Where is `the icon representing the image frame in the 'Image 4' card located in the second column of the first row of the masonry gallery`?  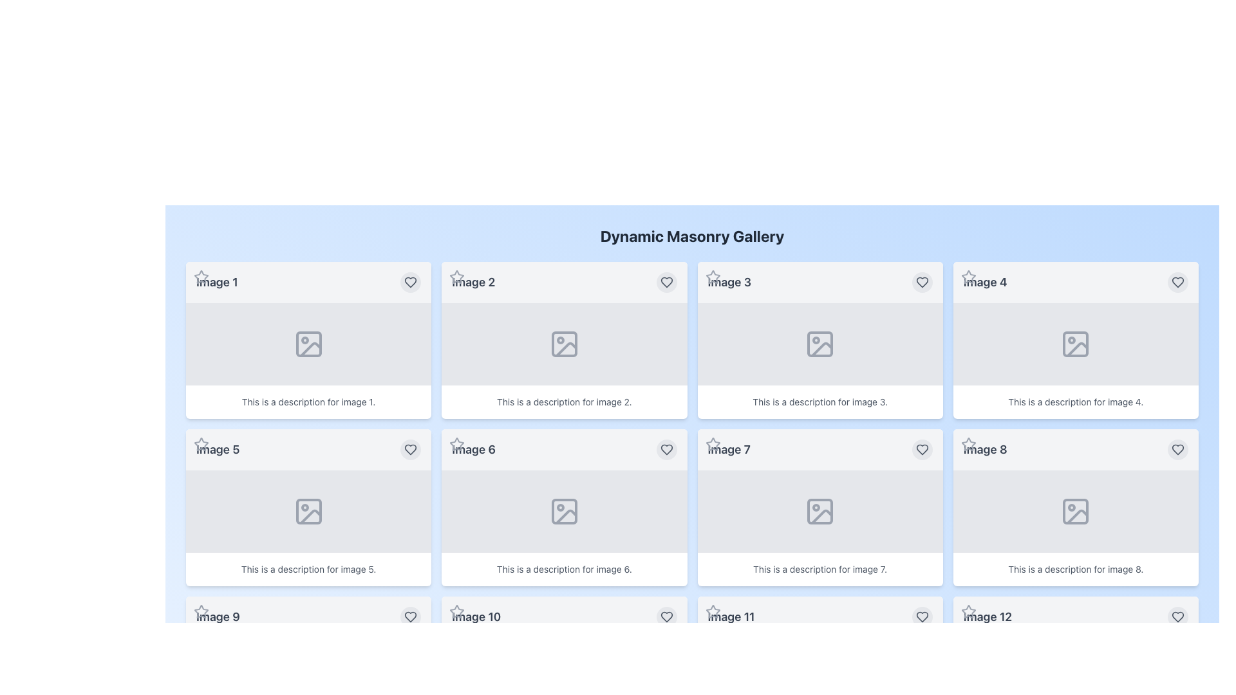 the icon representing the image frame in the 'Image 4' card located in the second column of the first row of the masonry gallery is located at coordinates (1078, 349).